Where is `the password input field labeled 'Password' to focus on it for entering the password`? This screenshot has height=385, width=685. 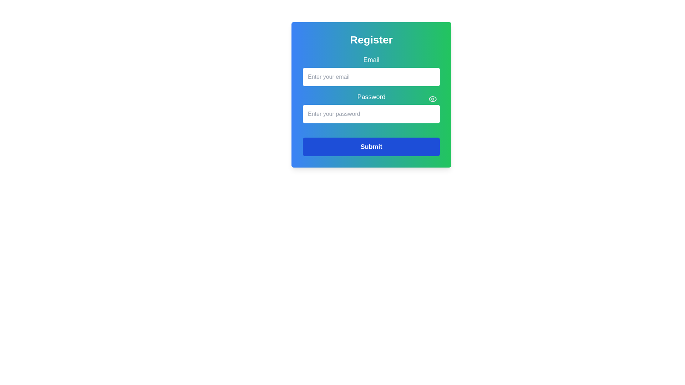
the password input field labeled 'Password' to focus on it for entering the password is located at coordinates (371, 107).